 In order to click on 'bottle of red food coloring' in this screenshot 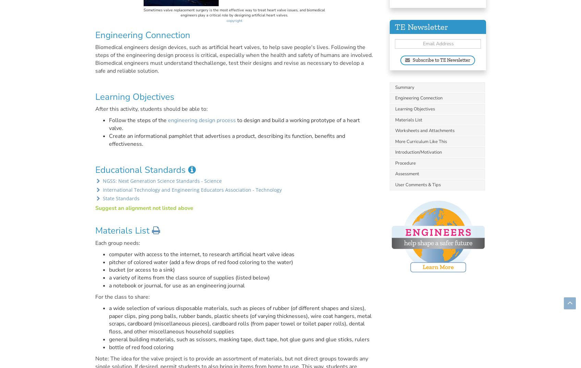, I will do `click(108, 347)`.